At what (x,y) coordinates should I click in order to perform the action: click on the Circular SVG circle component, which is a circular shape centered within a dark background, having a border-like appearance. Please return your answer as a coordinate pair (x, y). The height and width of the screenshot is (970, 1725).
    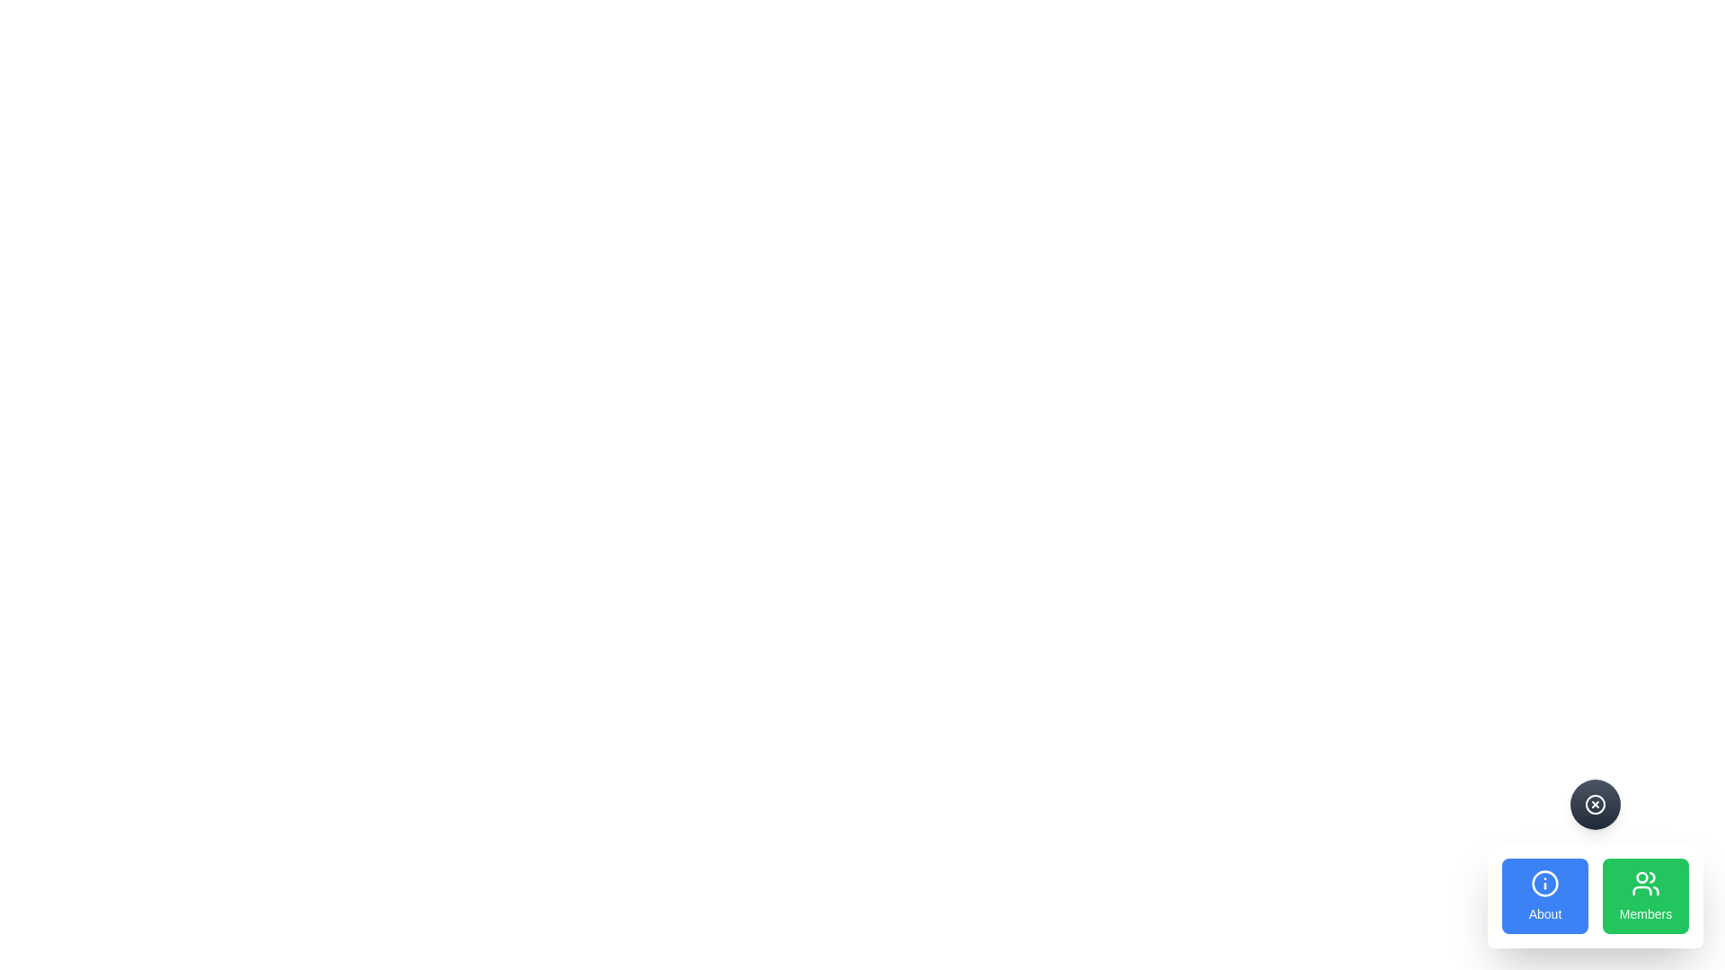
    Looking at the image, I should click on (1596, 803).